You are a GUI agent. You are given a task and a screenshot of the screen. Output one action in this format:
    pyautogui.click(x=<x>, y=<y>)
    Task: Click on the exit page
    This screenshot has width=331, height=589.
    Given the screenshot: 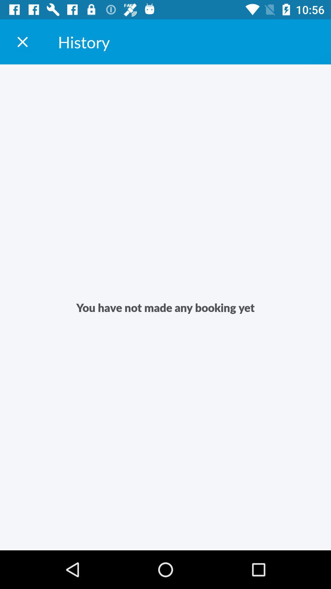 What is the action you would take?
    pyautogui.click(x=22, y=41)
    